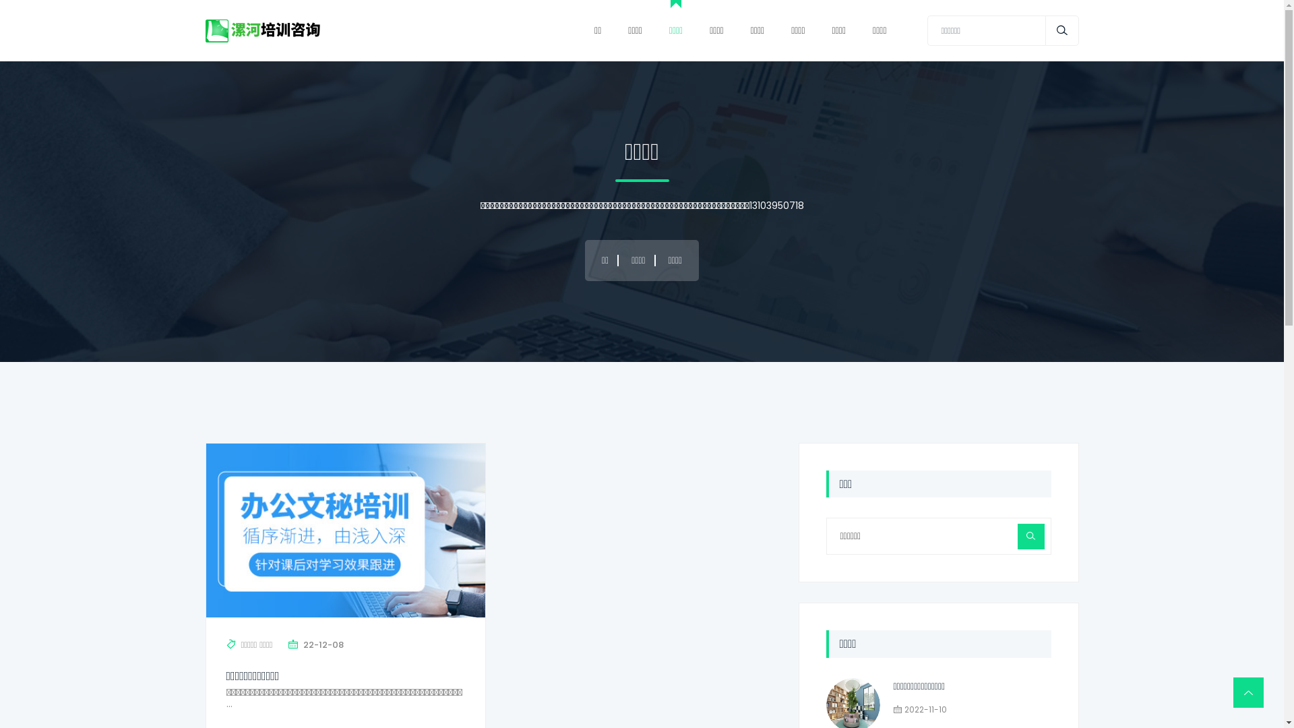  I want to click on '22-12-08', so click(323, 644).